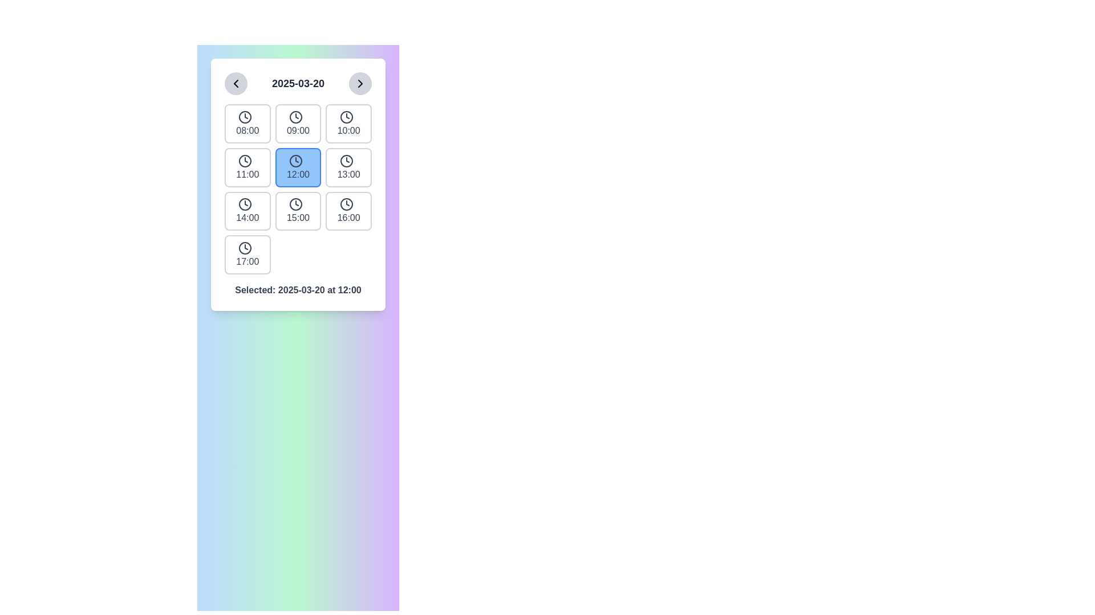 The height and width of the screenshot is (615, 1095). Describe the element at coordinates (346, 117) in the screenshot. I see `the circular boundary of the clock icon located in the top-right cell of a 3x4 grid layout for time selection` at that location.